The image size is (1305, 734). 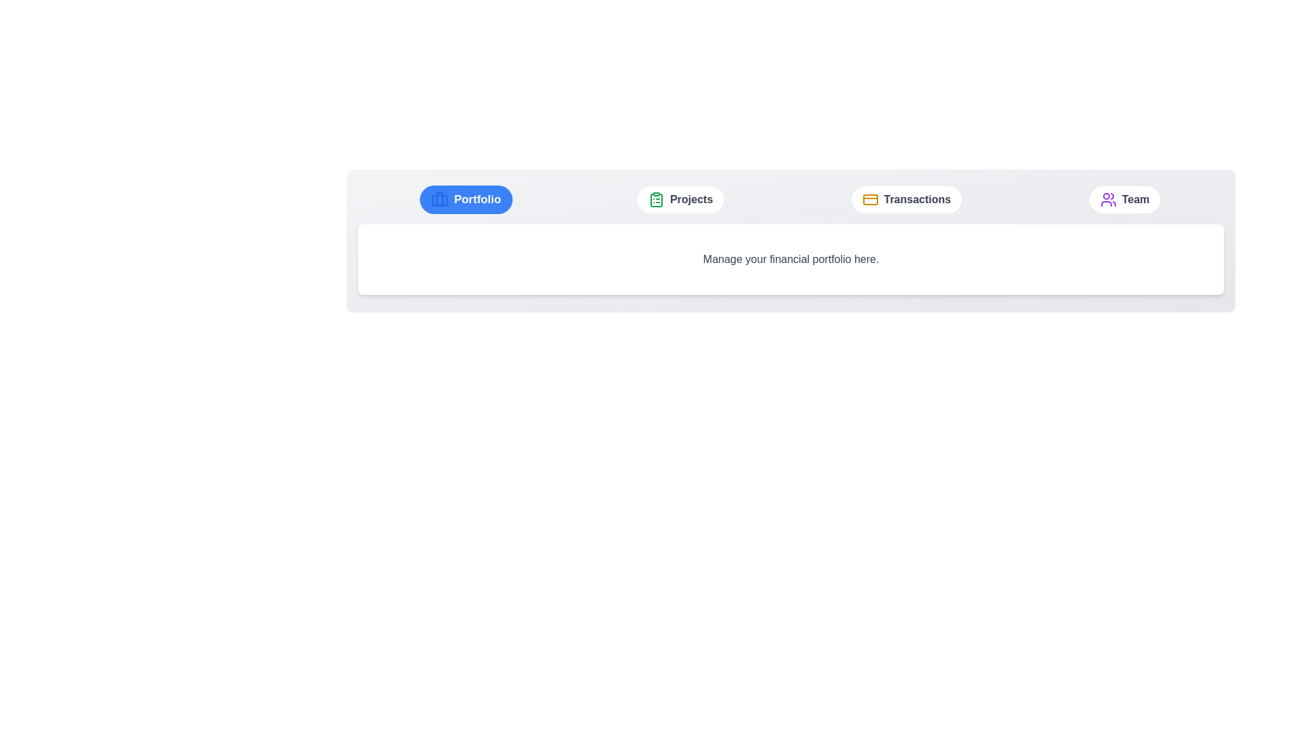 I want to click on the tab labeled Projects to observe the hover effect, so click(x=680, y=199).